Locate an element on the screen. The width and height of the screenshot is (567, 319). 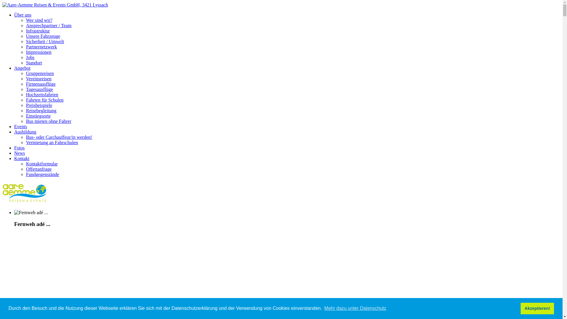
'Jobs' is located at coordinates (30, 57).